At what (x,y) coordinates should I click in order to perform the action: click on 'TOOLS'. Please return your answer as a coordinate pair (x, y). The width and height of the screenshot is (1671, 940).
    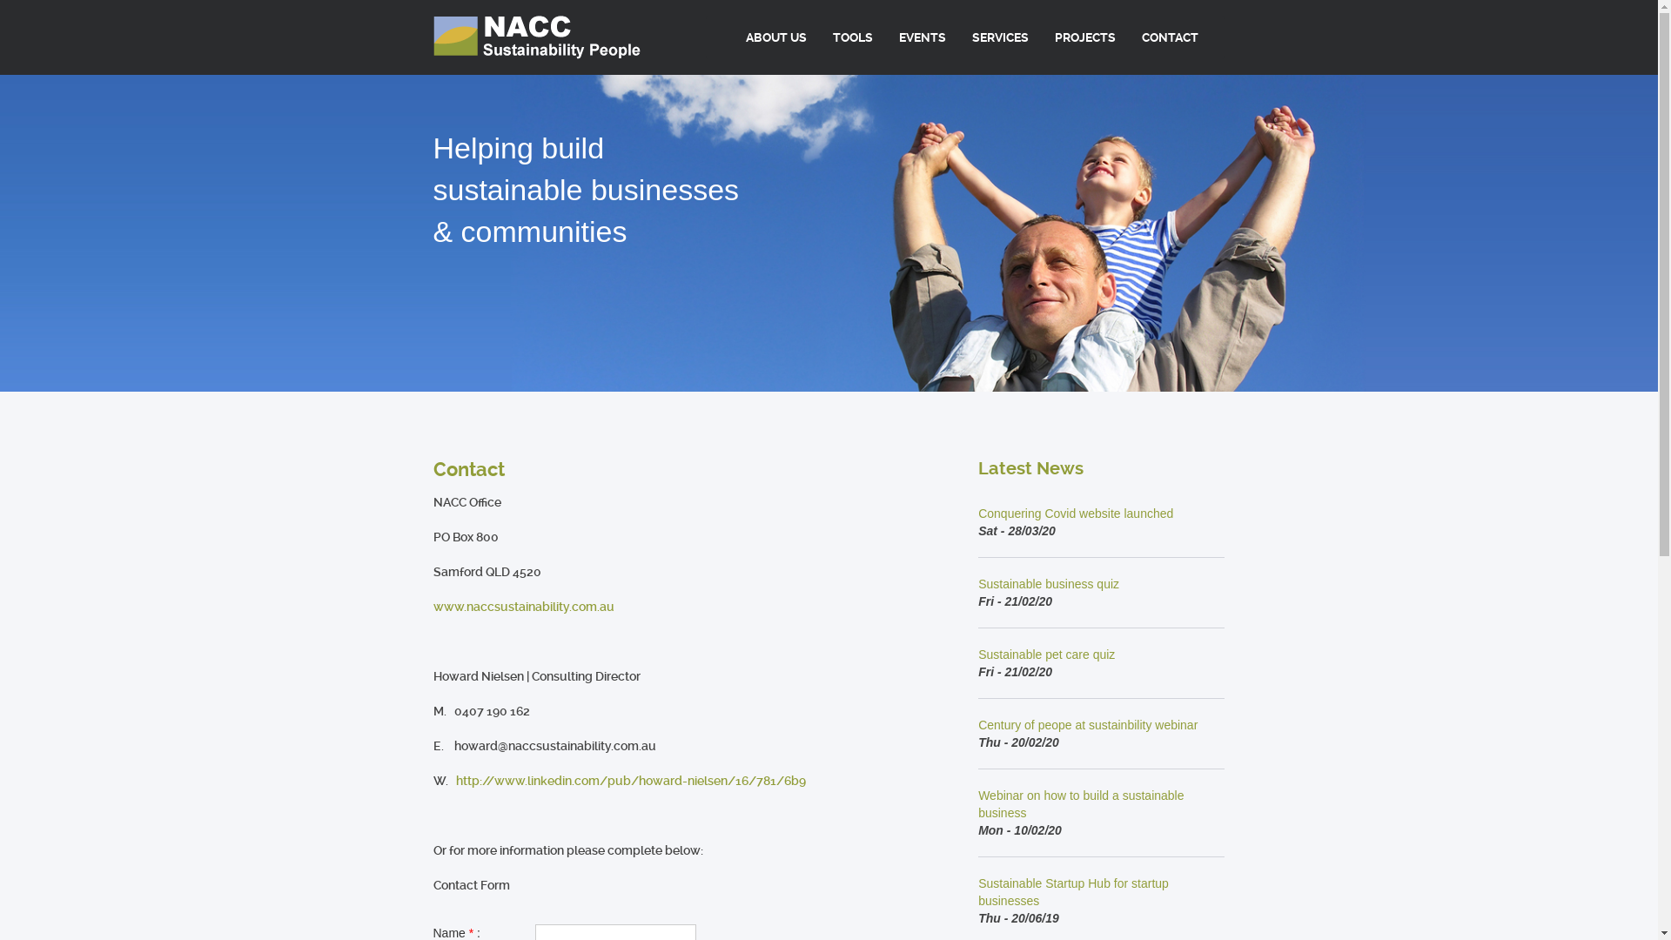
    Looking at the image, I should click on (852, 37).